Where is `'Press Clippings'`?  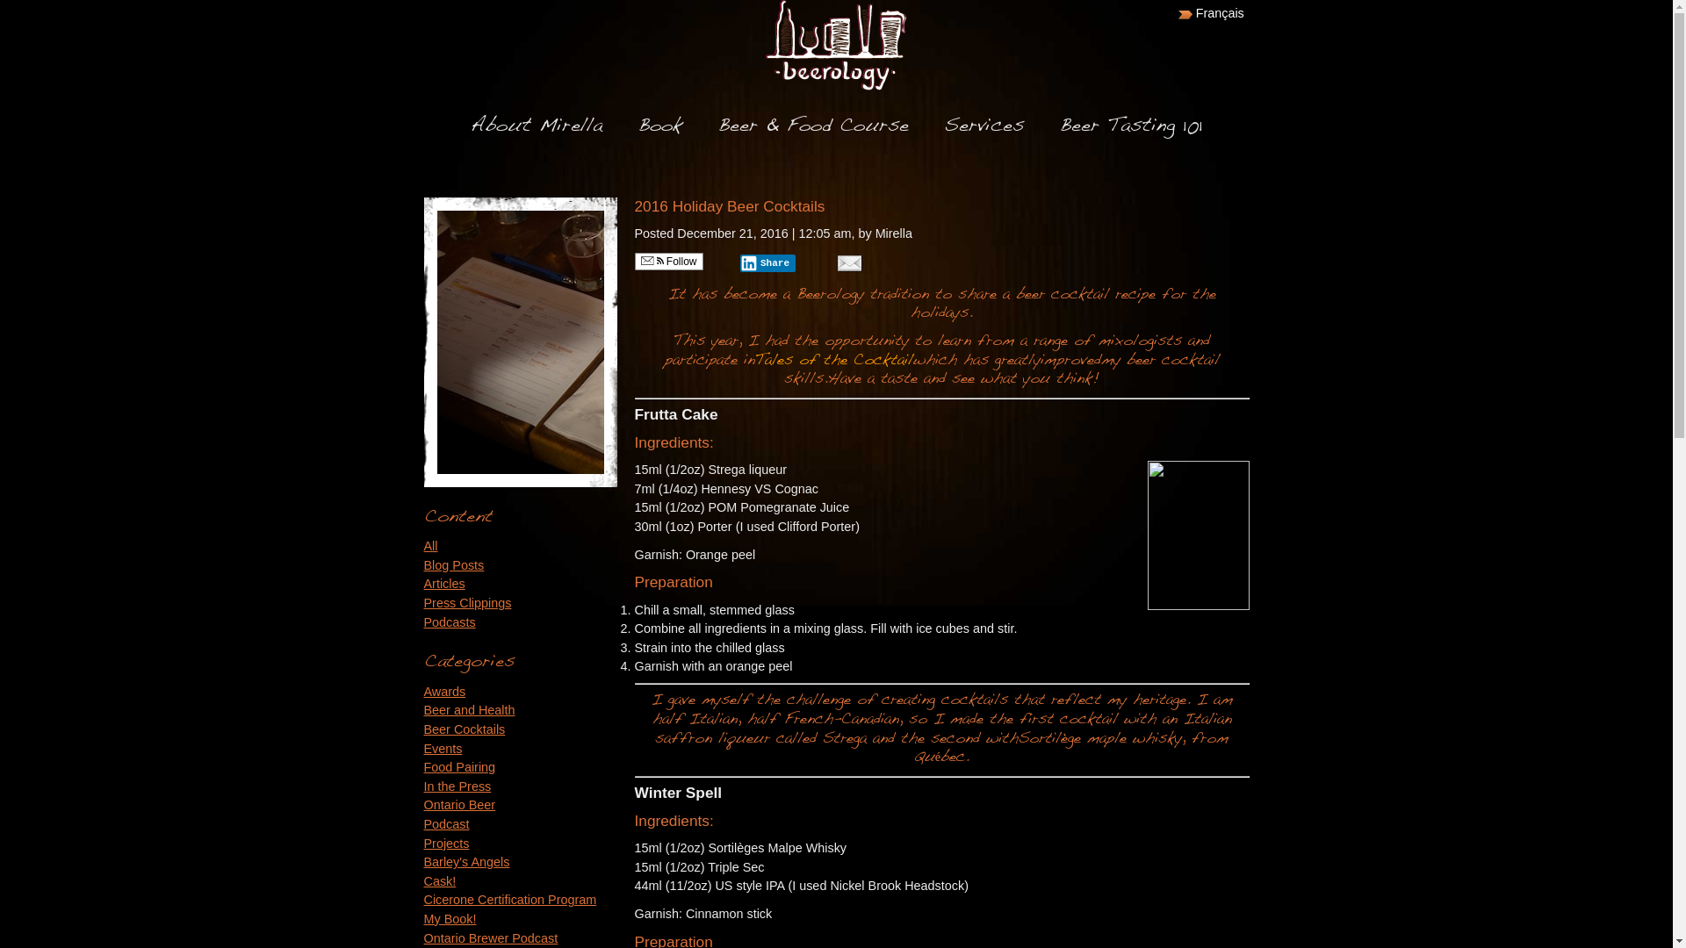 'Press Clippings' is located at coordinates (422, 601).